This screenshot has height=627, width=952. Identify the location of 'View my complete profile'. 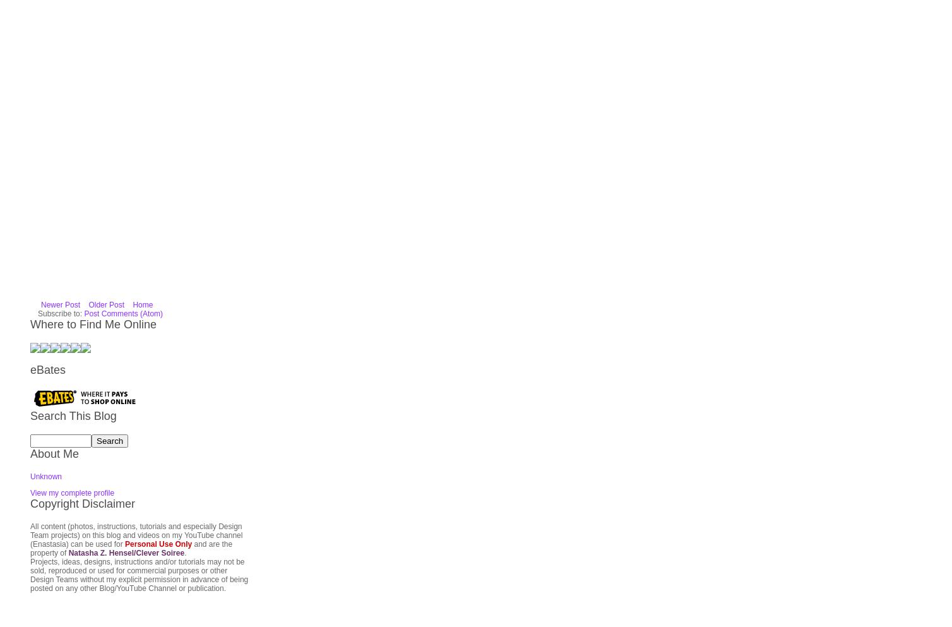
(72, 341).